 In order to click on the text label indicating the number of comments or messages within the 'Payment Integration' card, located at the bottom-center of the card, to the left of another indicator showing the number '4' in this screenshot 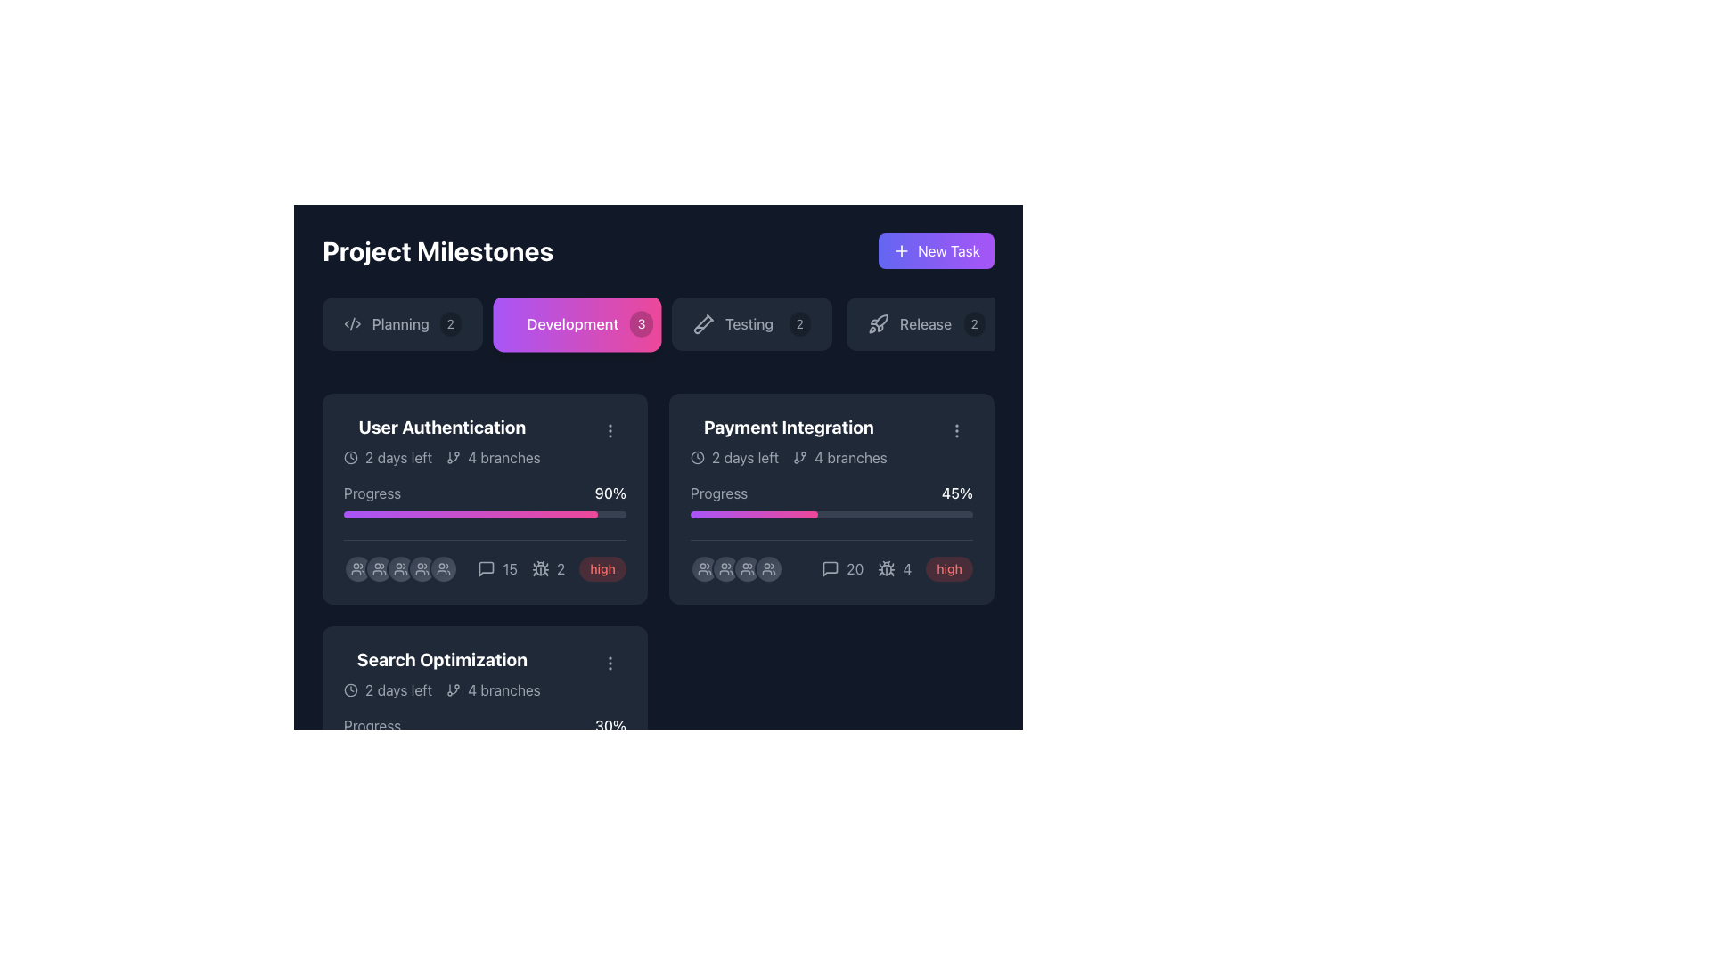, I will do `click(841, 569)`.